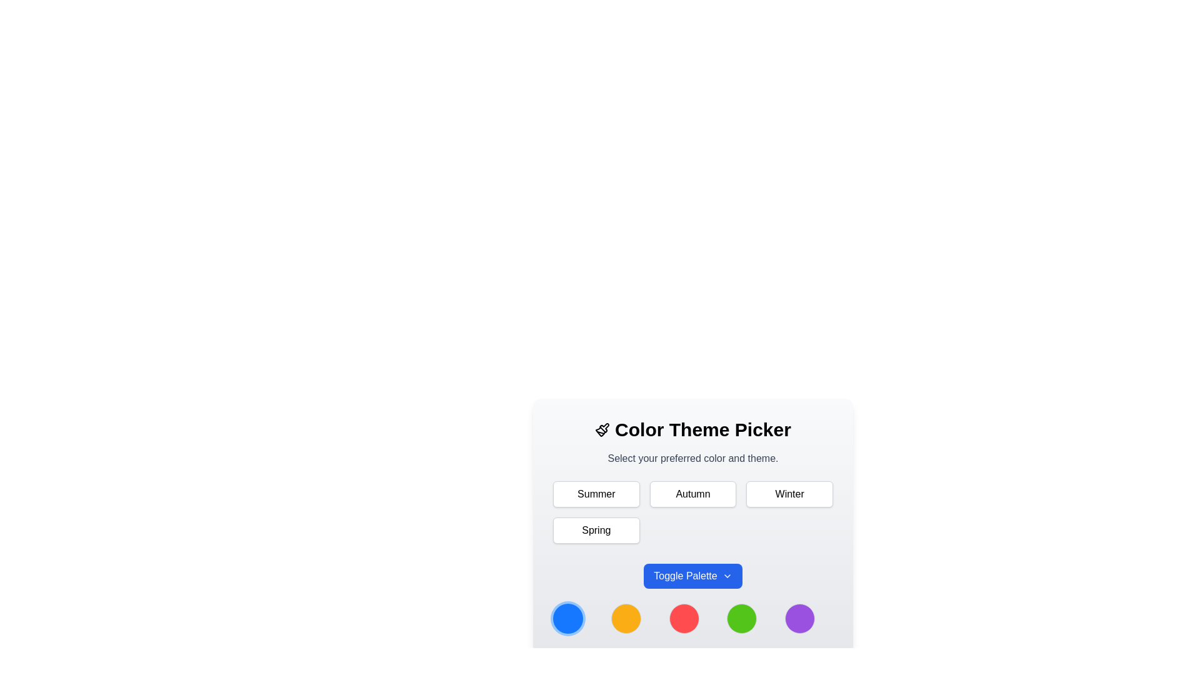 This screenshot has height=675, width=1200. I want to click on the third circular color icon, which is bright red and selected, so click(692, 619).